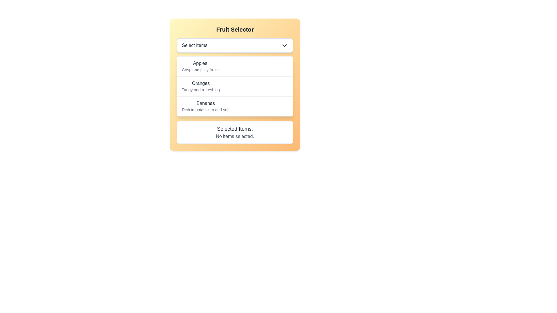 This screenshot has width=557, height=313. What do you see at coordinates (235, 85) in the screenshot?
I see `to select the list item titled 'Oranges' in the dropdown menu under 'Fruit Selector'` at bounding box center [235, 85].